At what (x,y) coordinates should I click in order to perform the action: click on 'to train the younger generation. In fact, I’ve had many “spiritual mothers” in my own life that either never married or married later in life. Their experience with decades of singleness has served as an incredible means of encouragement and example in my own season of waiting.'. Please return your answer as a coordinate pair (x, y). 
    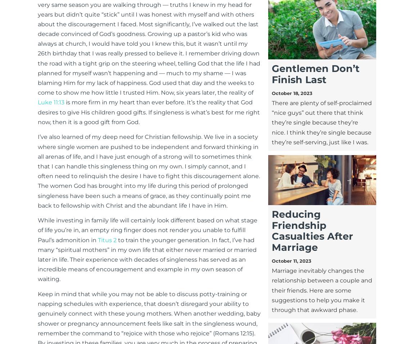
    Looking at the image, I should click on (37, 259).